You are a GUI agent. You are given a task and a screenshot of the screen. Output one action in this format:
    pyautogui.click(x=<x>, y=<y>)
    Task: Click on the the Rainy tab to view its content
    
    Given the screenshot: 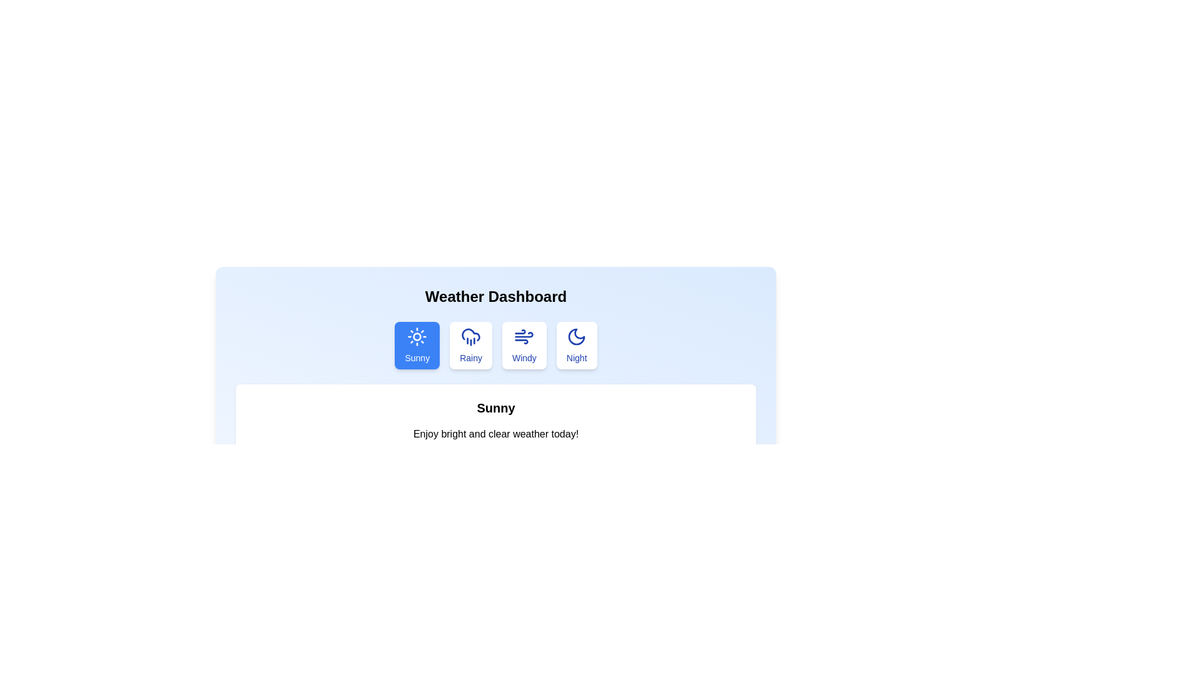 What is the action you would take?
    pyautogui.click(x=470, y=345)
    